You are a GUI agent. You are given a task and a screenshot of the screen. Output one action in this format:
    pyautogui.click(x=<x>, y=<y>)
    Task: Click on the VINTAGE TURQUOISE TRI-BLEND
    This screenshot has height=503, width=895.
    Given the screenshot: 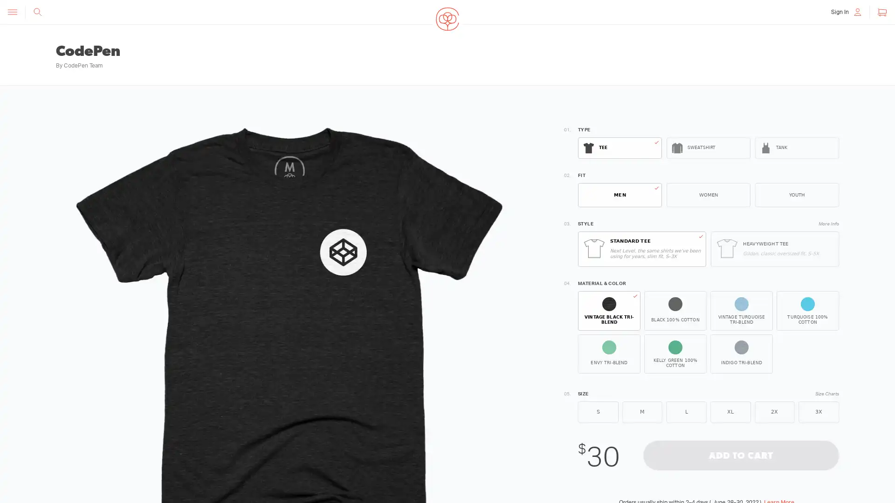 What is the action you would take?
    pyautogui.click(x=741, y=311)
    